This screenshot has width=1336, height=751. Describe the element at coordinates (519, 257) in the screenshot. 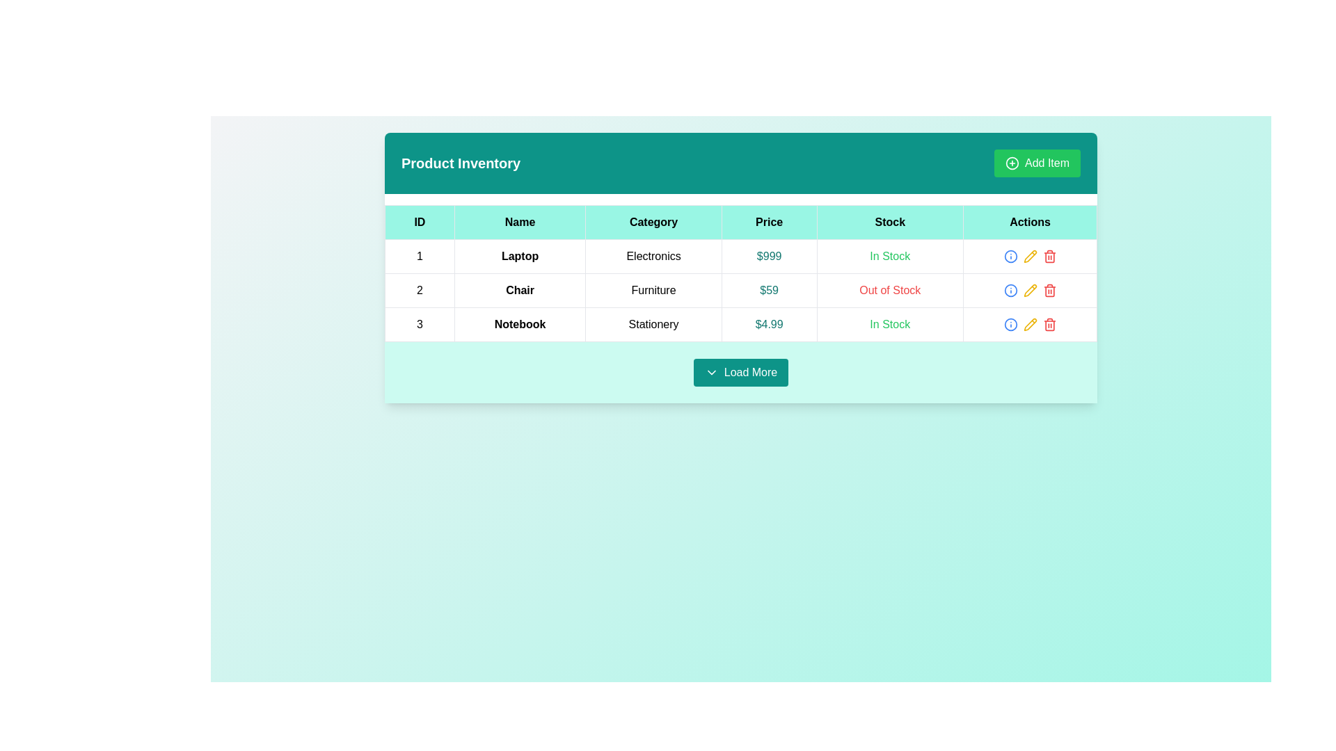

I see `the static text element displaying the product name in the second column of the first row of the table, located next to '1' and 'Electronics'` at that location.